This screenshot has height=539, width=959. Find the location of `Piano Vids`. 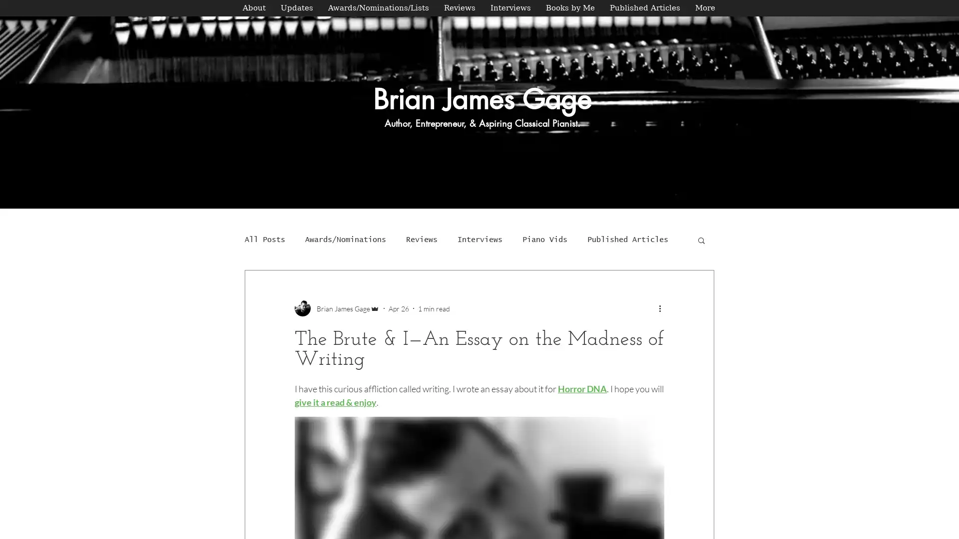

Piano Vids is located at coordinates (544, 240).